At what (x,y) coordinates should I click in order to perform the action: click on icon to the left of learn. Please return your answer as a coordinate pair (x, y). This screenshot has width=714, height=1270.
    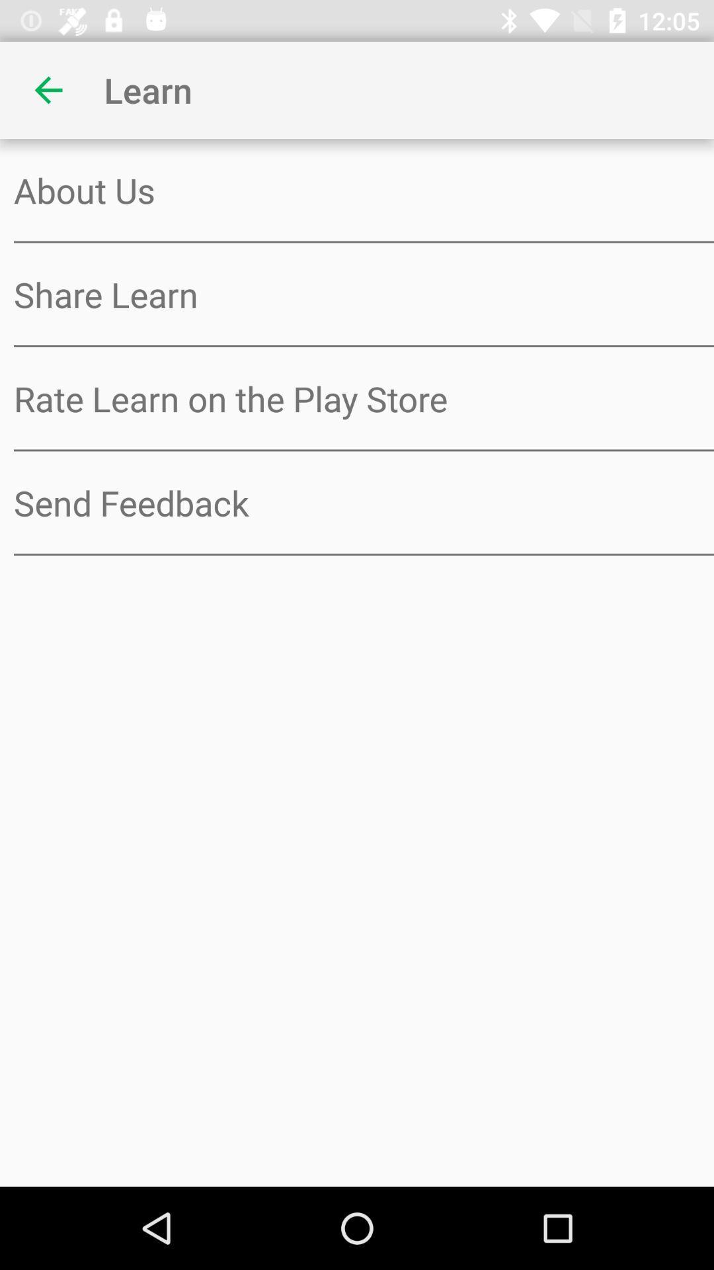
    Looking at the image, I should click on (48, 89).